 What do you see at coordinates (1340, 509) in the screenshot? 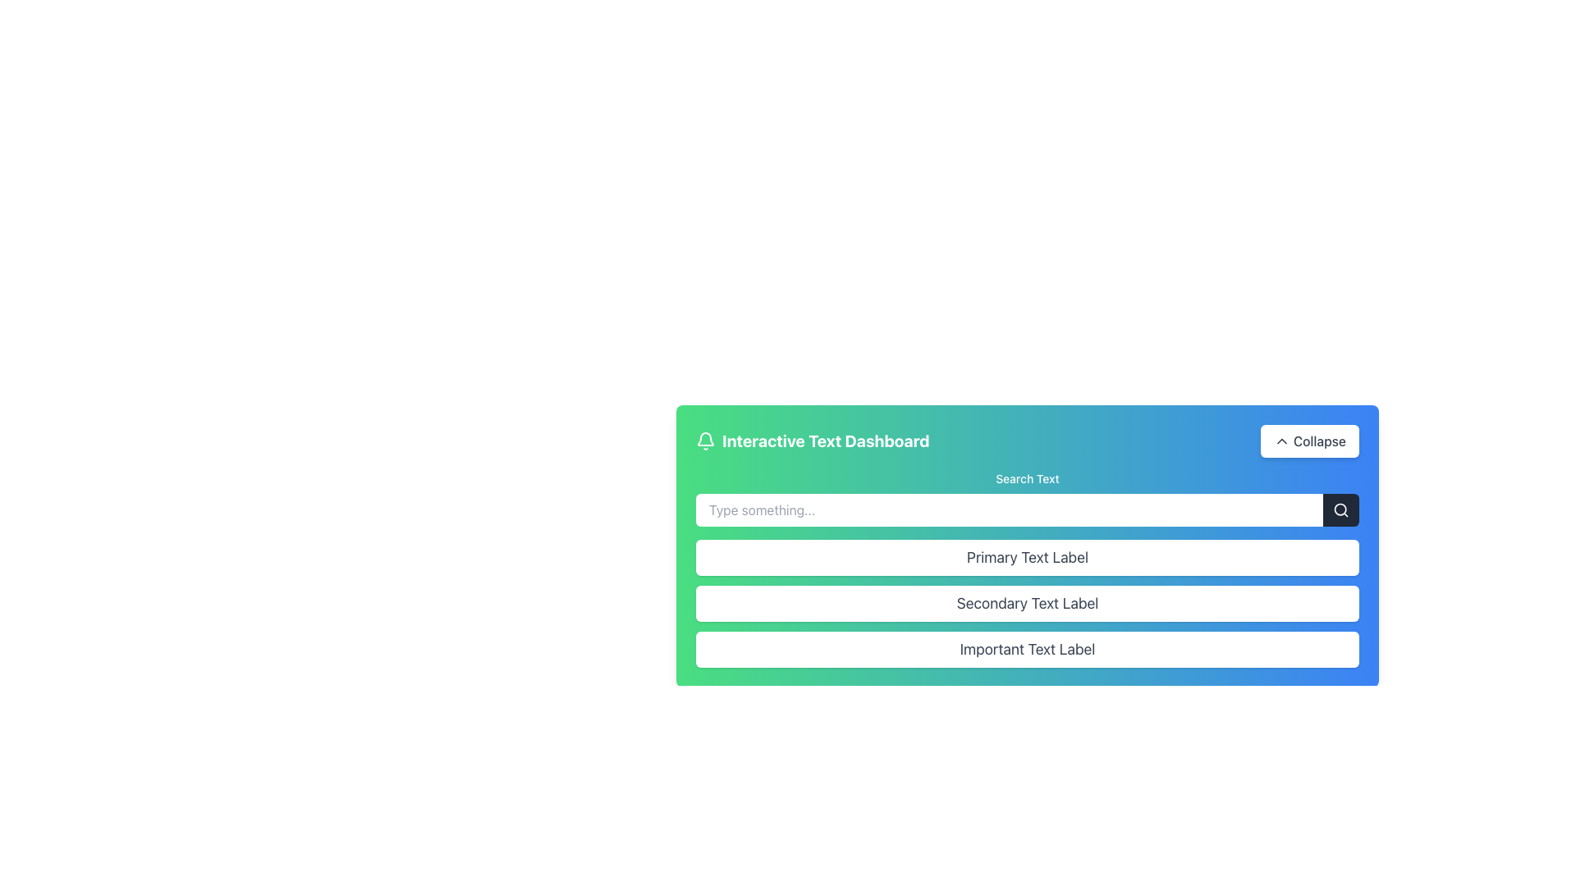
I see `the magnifying glass icon button located on the far right side of the 'Search Text' input field` at bounding box center [1340, 509].